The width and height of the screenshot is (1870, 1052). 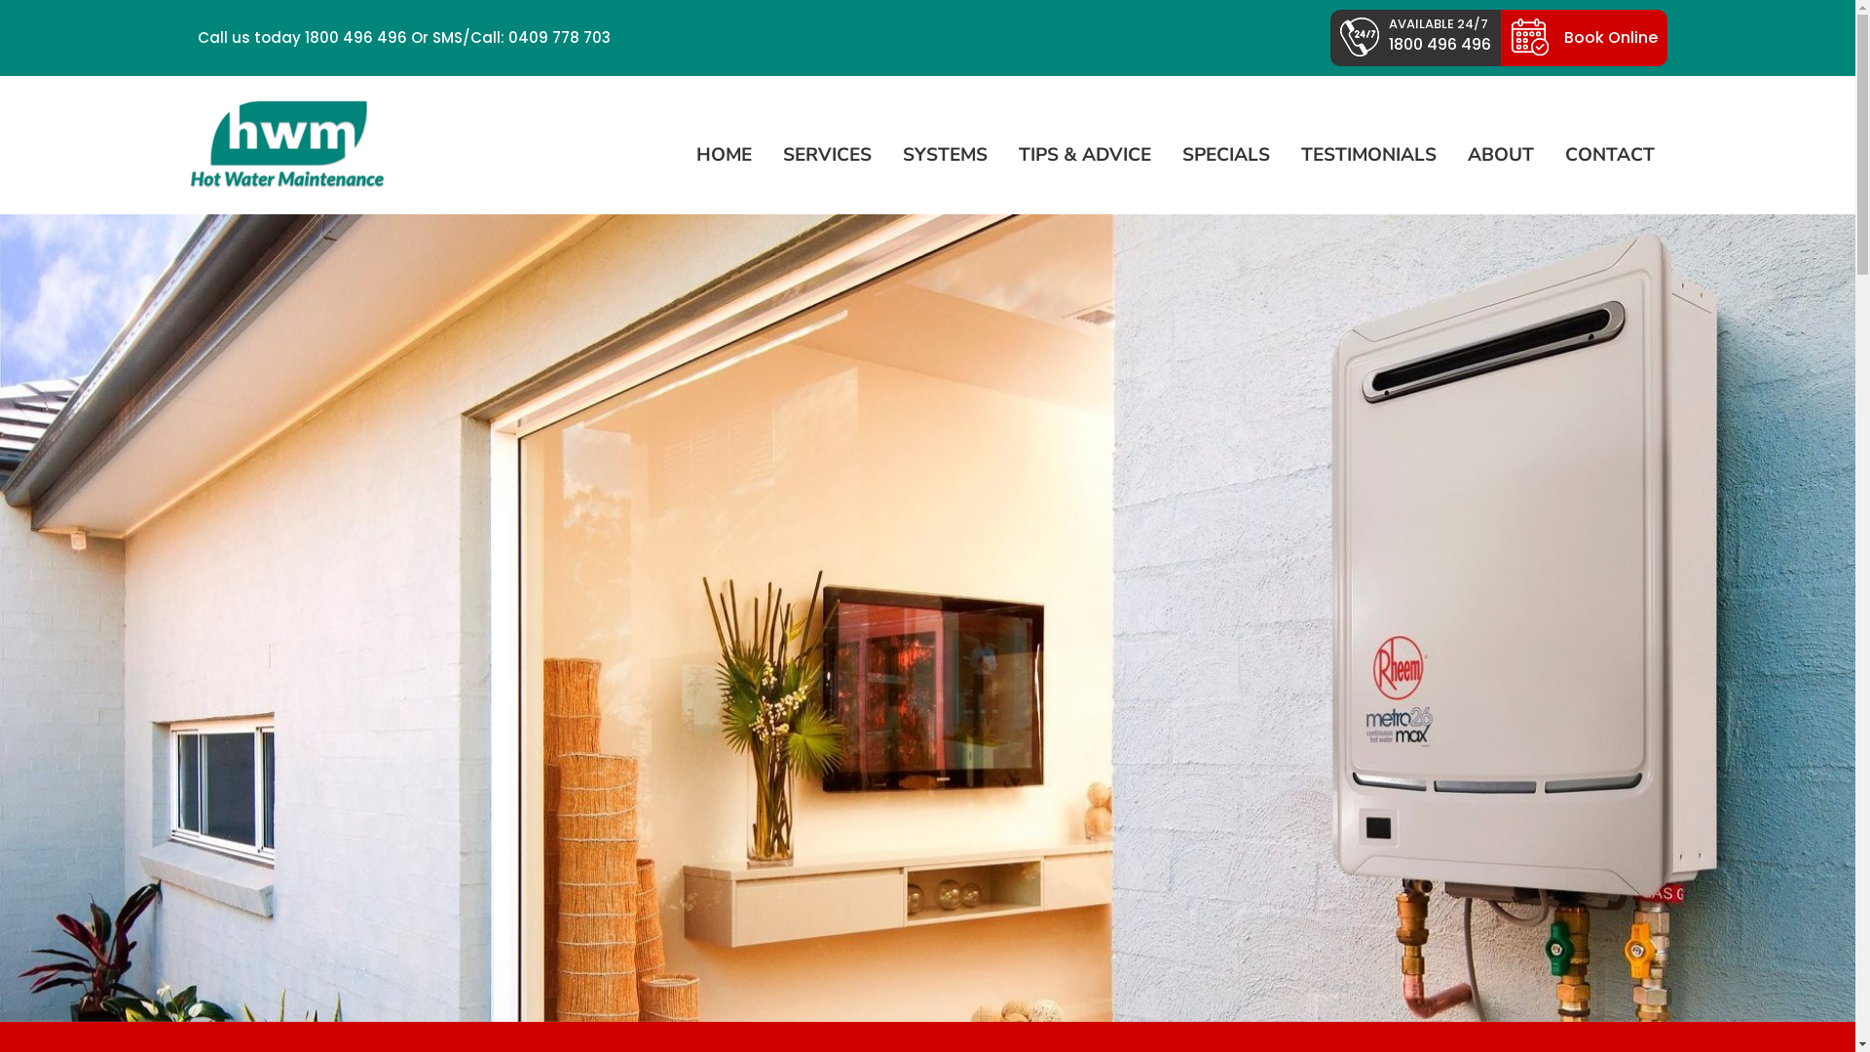 What do you see at coordinates (944, 154) in the screenshot?
I see `'SYSTEMS'` at bounding box center [944, 154].